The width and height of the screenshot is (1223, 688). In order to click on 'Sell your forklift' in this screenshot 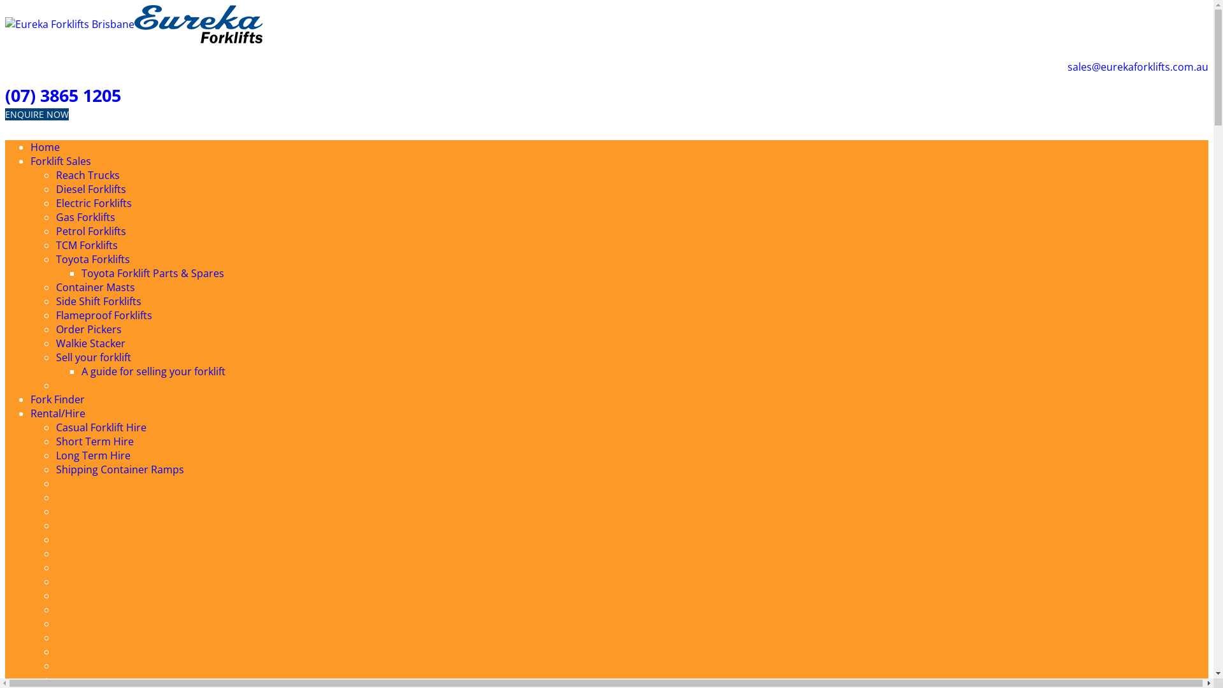, I will do `click(93, 357)`.